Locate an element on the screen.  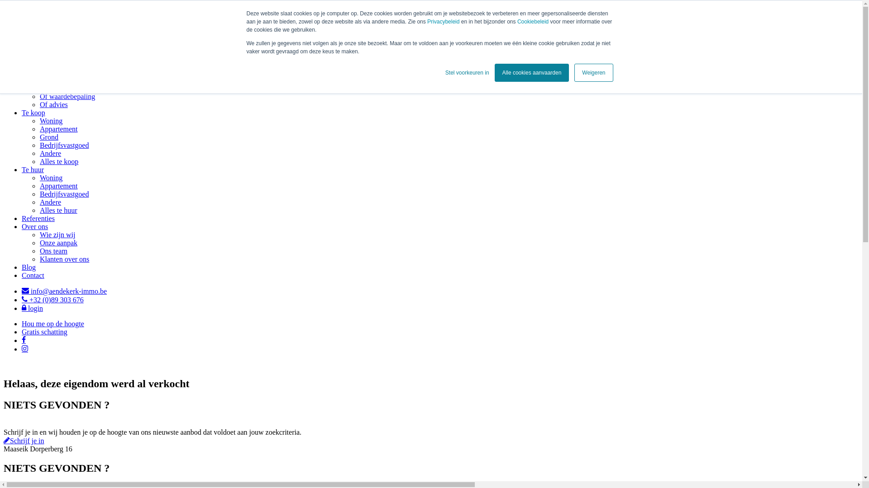
'Grond' is located at coordinates (48, 137).